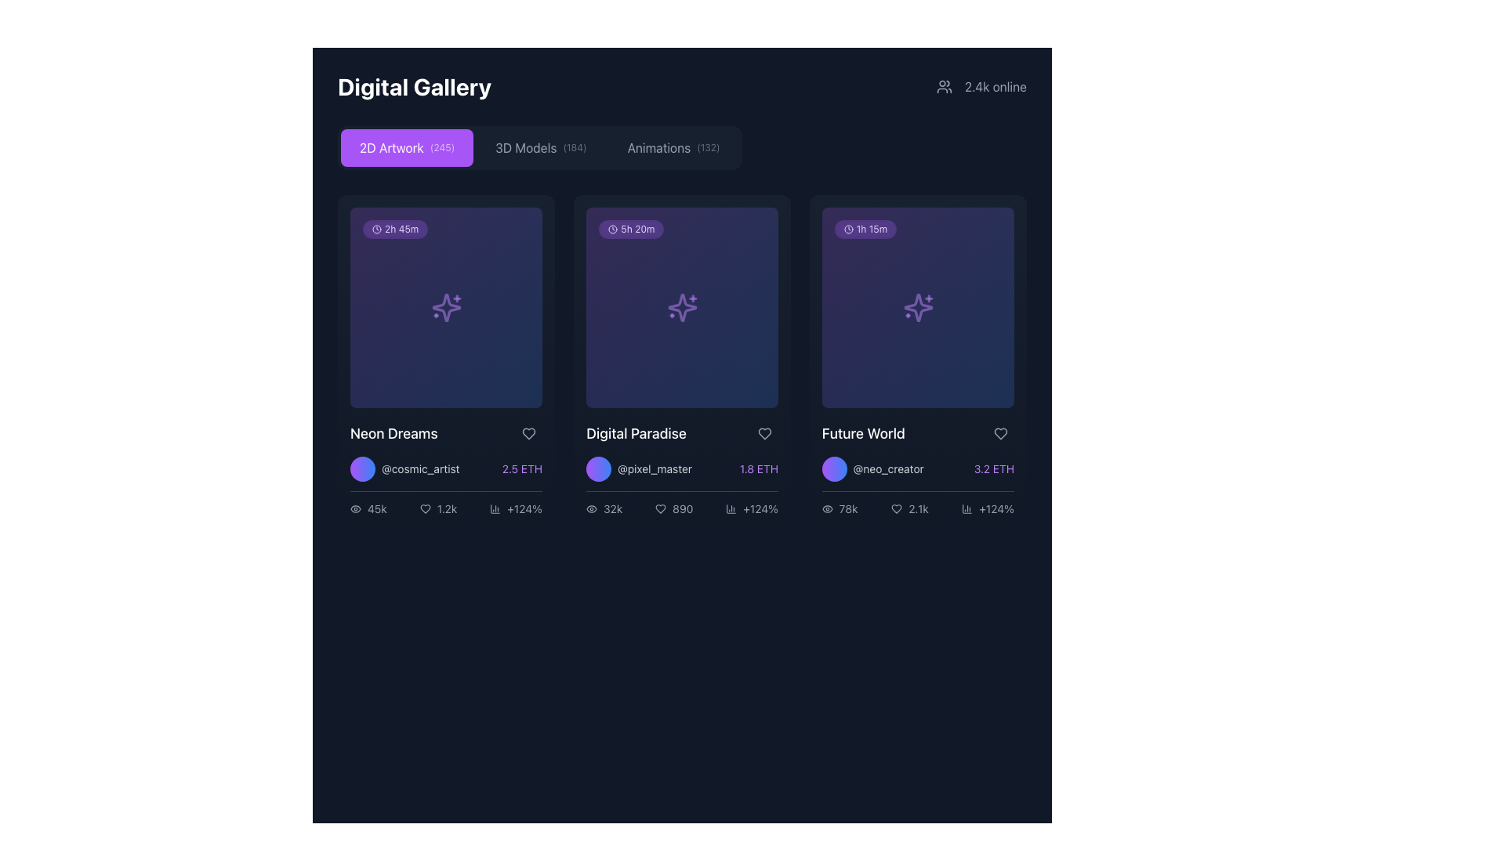 The height and width of the screenshot is (846, 1505). I want to click on the clock icon located to the left of the time text '2h 45m' in the top-left corner of the artwork card labeled 'Neon Dreams', so click(376, 230).